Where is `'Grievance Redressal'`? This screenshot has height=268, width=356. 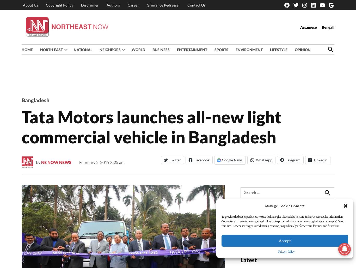 'Grievance Redressal' is located at coordinates (163, 5).